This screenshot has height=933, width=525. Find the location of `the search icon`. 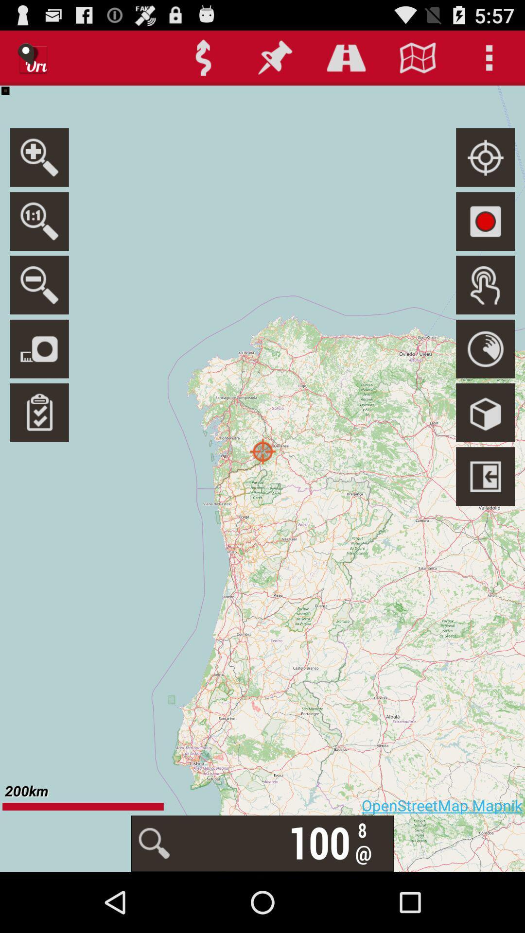

the search icon is located at coordinates (39, 237).